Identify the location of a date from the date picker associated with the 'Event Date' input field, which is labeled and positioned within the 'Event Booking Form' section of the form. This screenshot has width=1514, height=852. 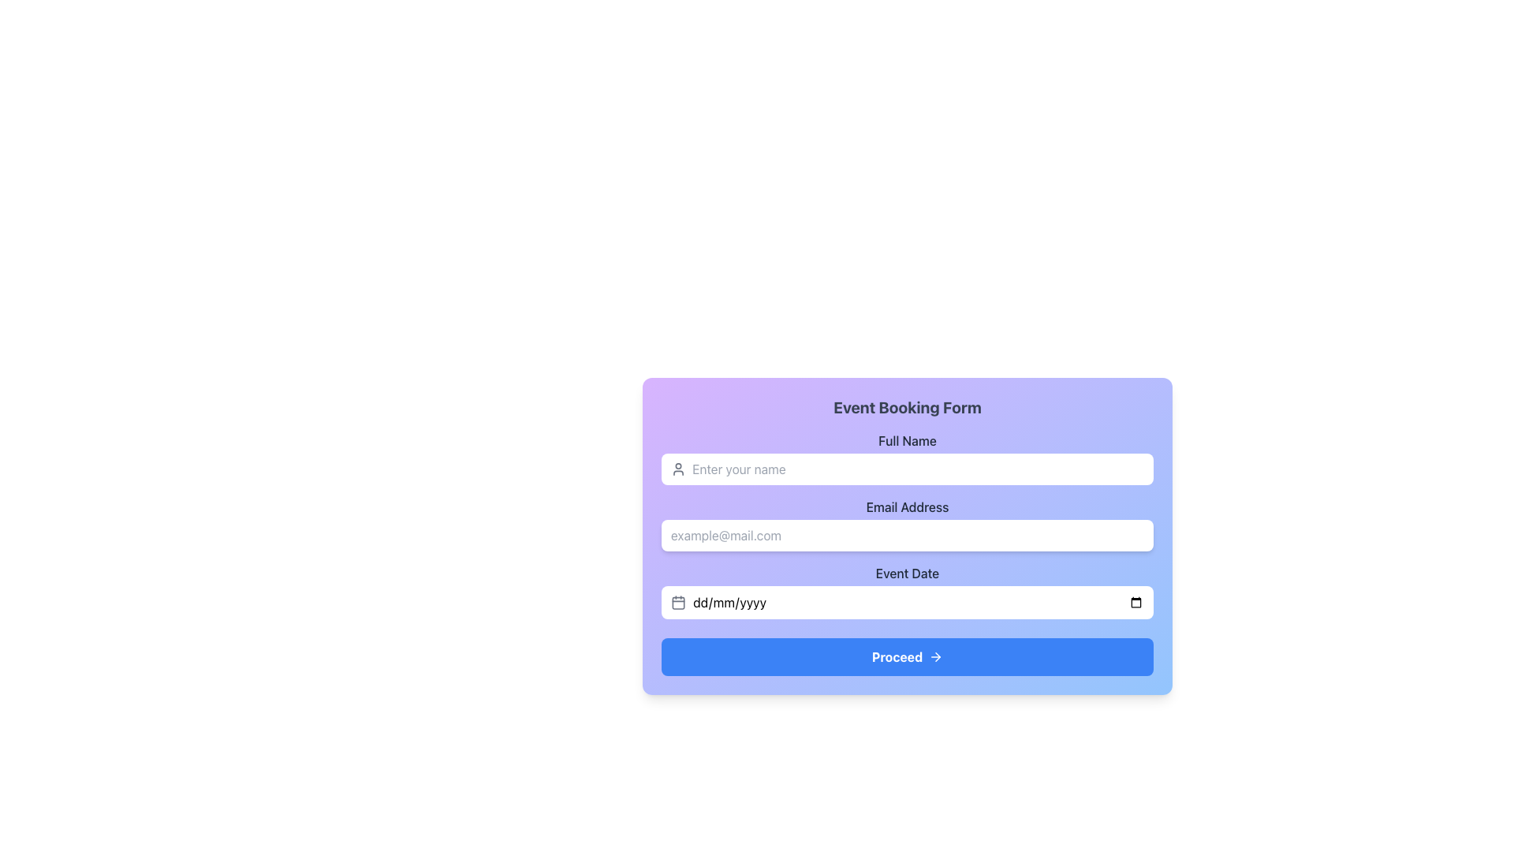
(908, 591).